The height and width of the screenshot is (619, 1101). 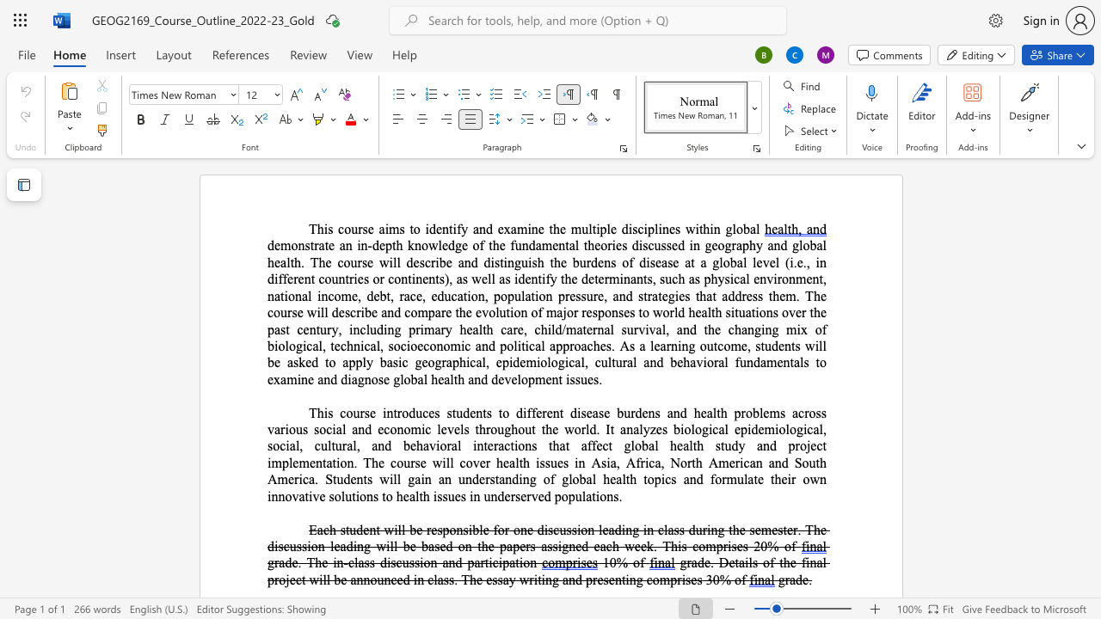 I want to click on the space between the continuous character ")" and "," in the text, so click(x=448, y=278).